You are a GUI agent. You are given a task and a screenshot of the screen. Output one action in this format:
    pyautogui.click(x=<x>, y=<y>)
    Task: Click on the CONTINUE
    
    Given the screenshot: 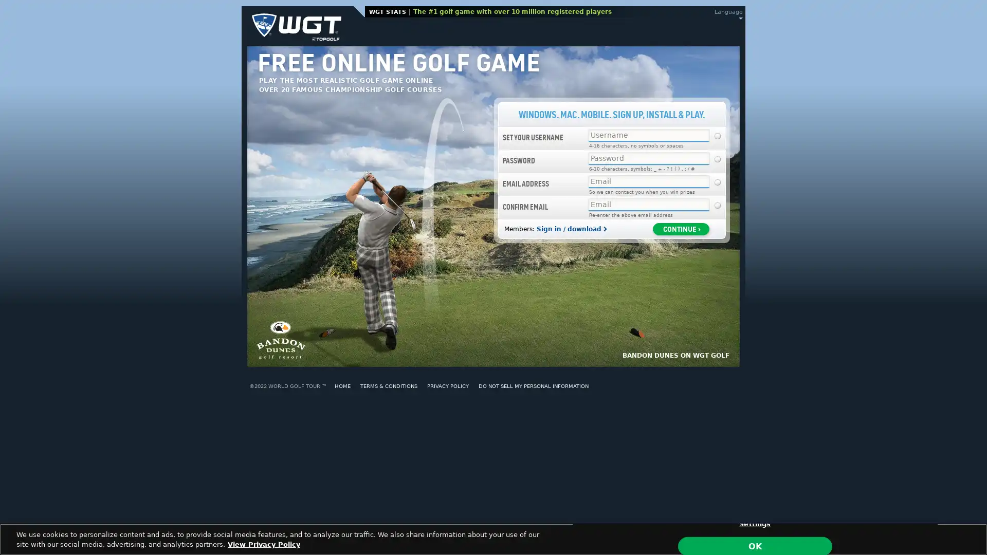 What is the action you would take?
    pyautogui.click(x=681, y=228)
    